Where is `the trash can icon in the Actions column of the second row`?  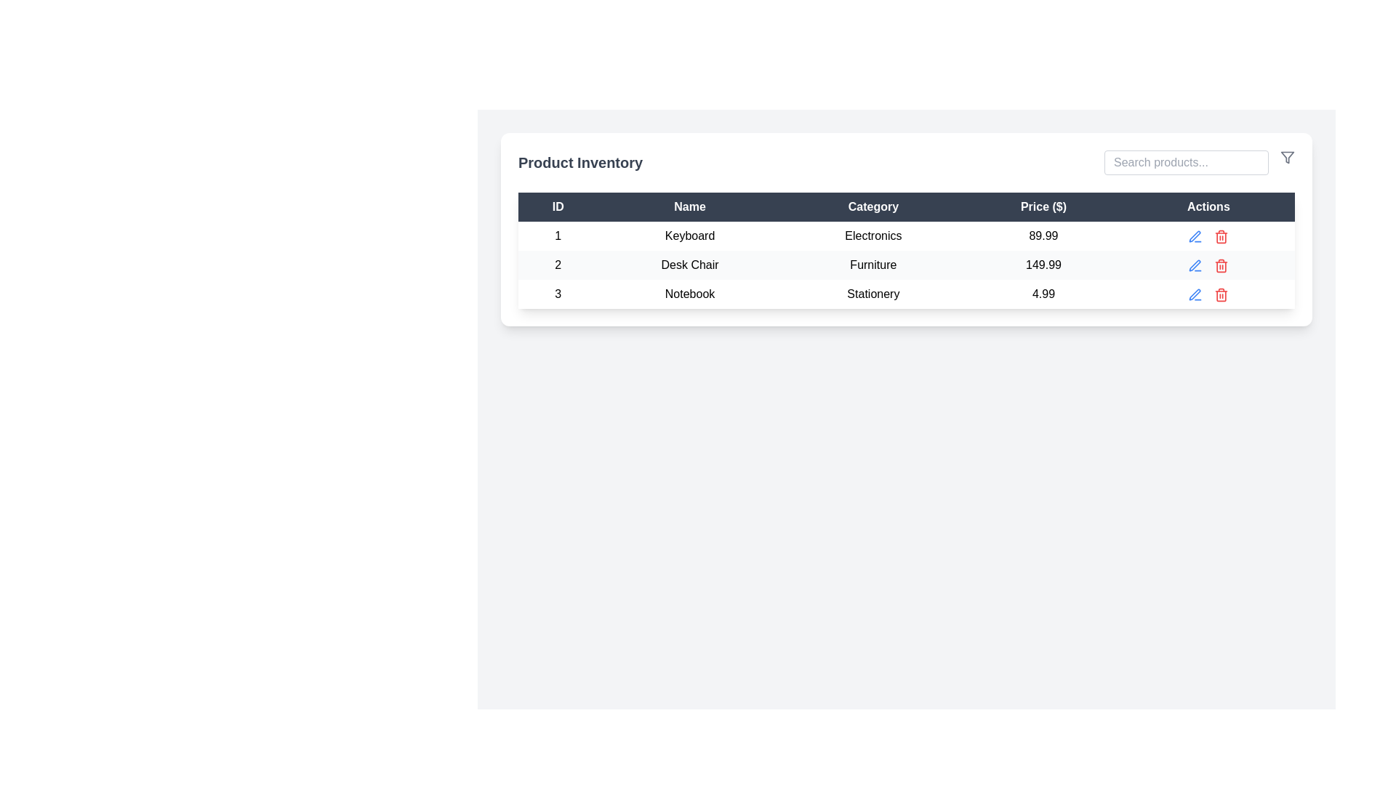
the trash can icon in the Actions column of the second row is located at coordinates (1221, 265).